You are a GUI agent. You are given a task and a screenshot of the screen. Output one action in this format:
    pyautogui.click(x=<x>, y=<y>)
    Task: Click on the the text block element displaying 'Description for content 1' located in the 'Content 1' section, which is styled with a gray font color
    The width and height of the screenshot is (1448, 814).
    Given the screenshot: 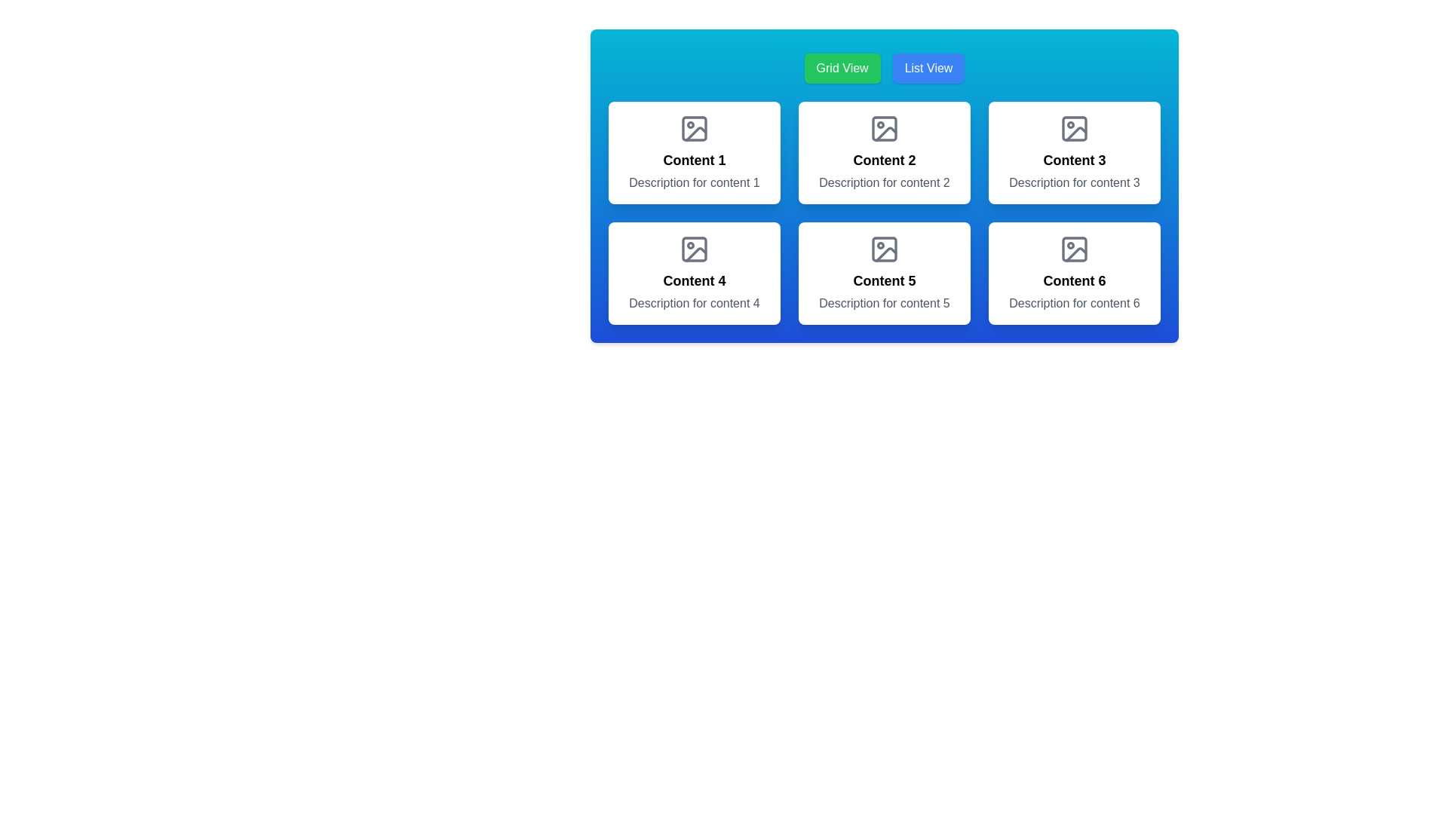 What is the action you would take?
    pyautogui.click(x=694, y=182)
    